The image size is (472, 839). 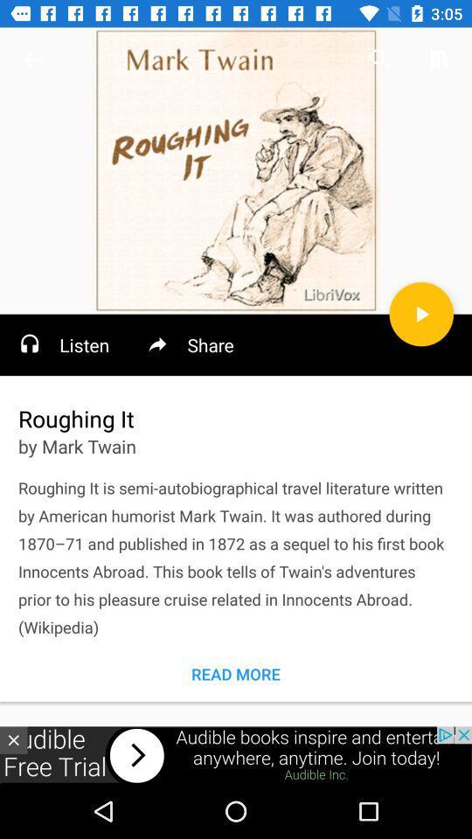 What do you see at coordinates (420, 314) in the screenshot?
I see `the play icon` at bounding box center [420, 314].